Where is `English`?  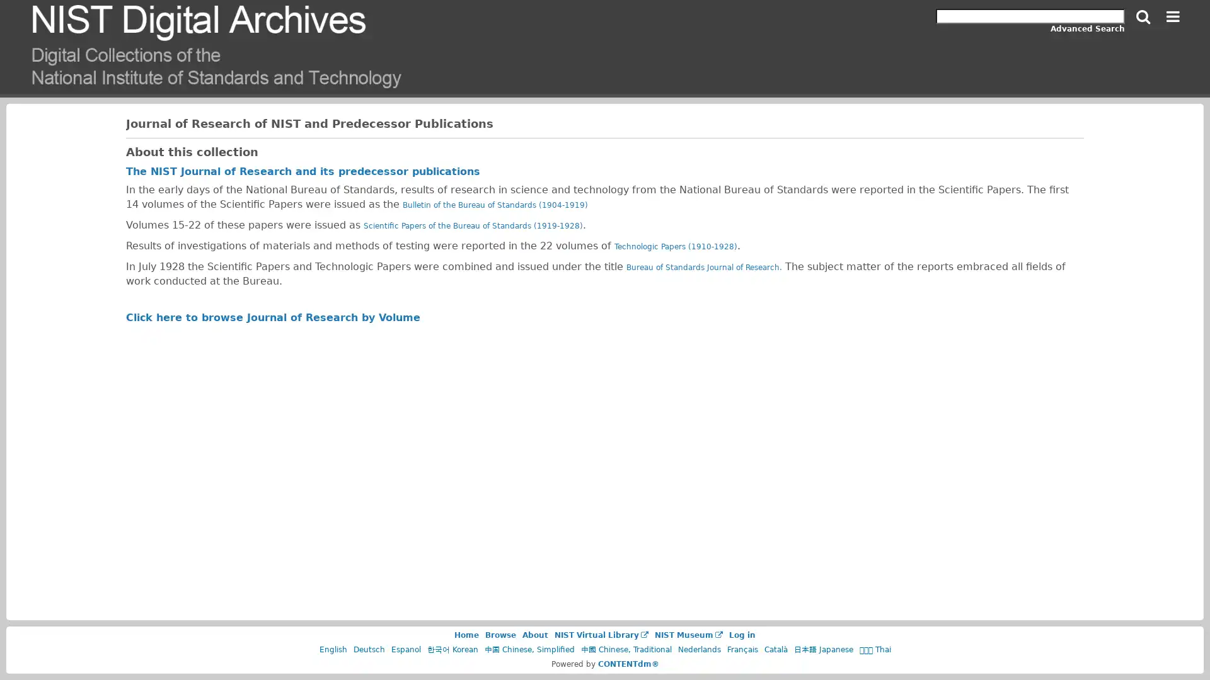
English is located at coordinates (333, 650).